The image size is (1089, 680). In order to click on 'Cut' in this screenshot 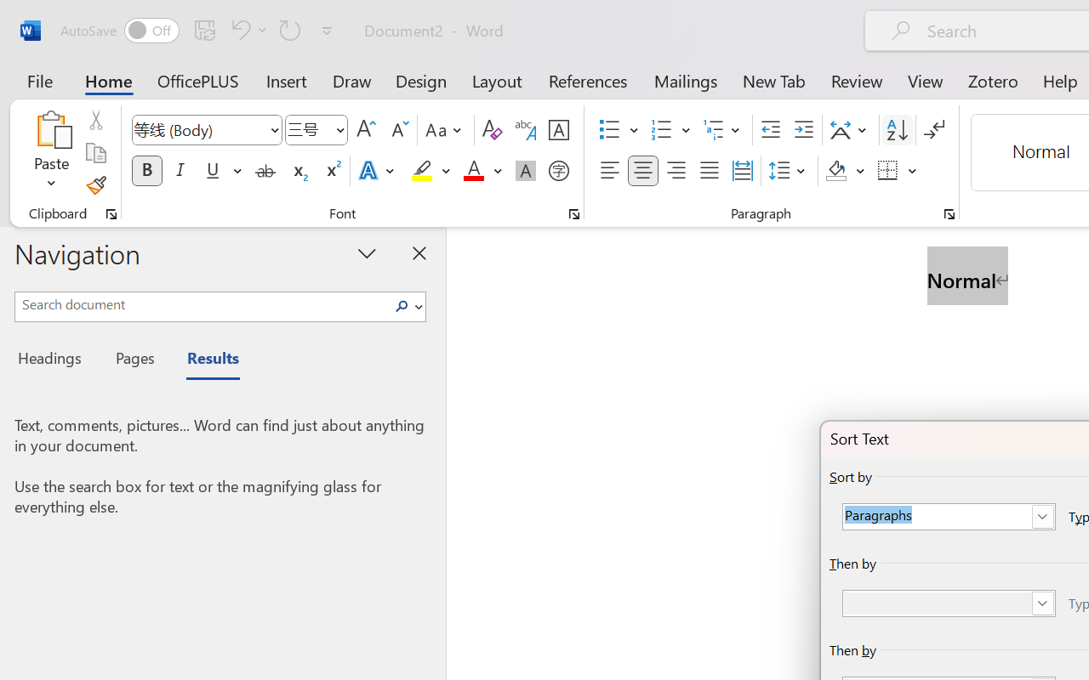, I will do `click(94, 120)`.